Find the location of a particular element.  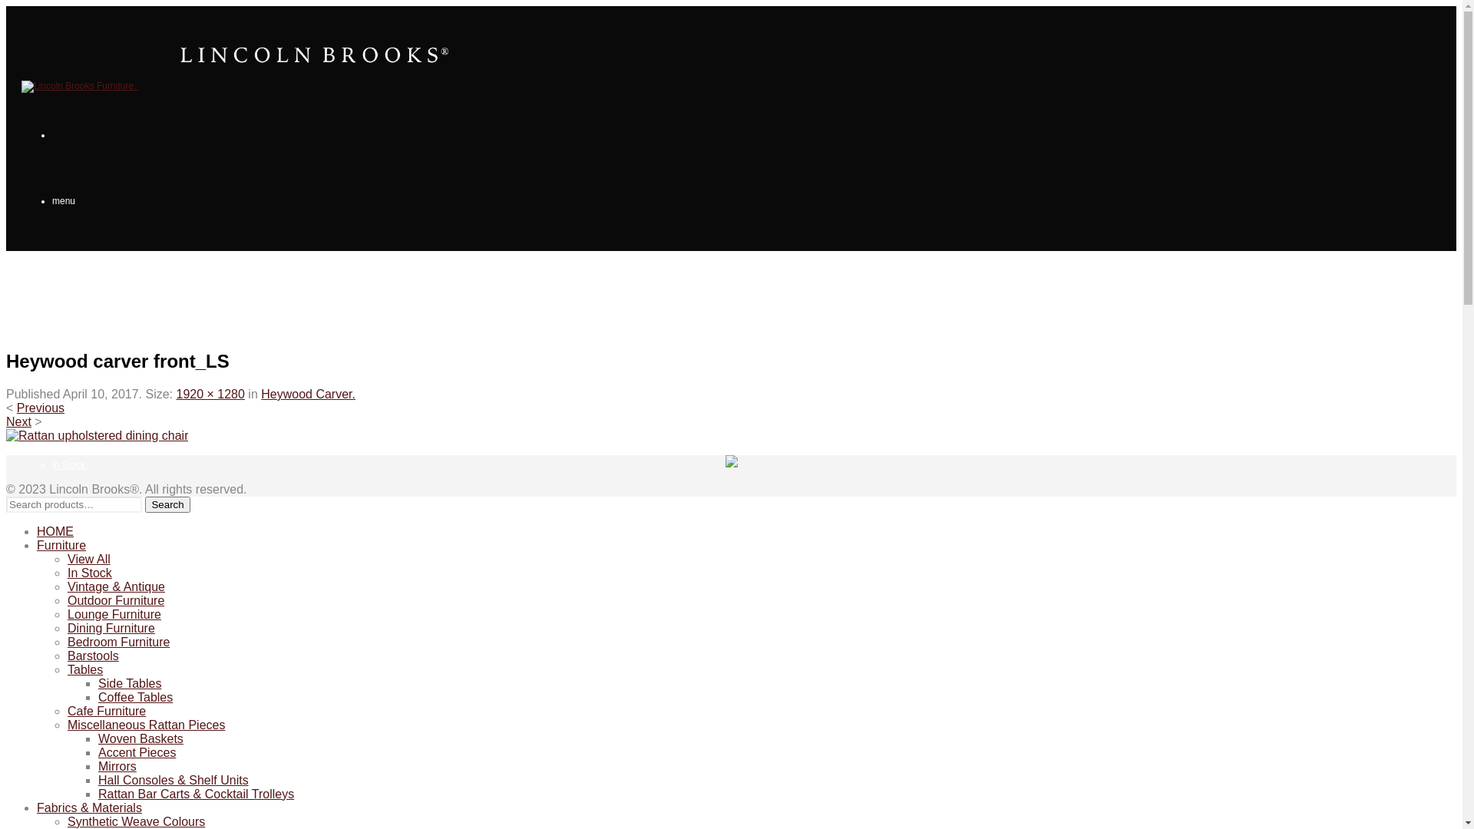

'Outdoor Furniture' is located at coordinates (88, 596).